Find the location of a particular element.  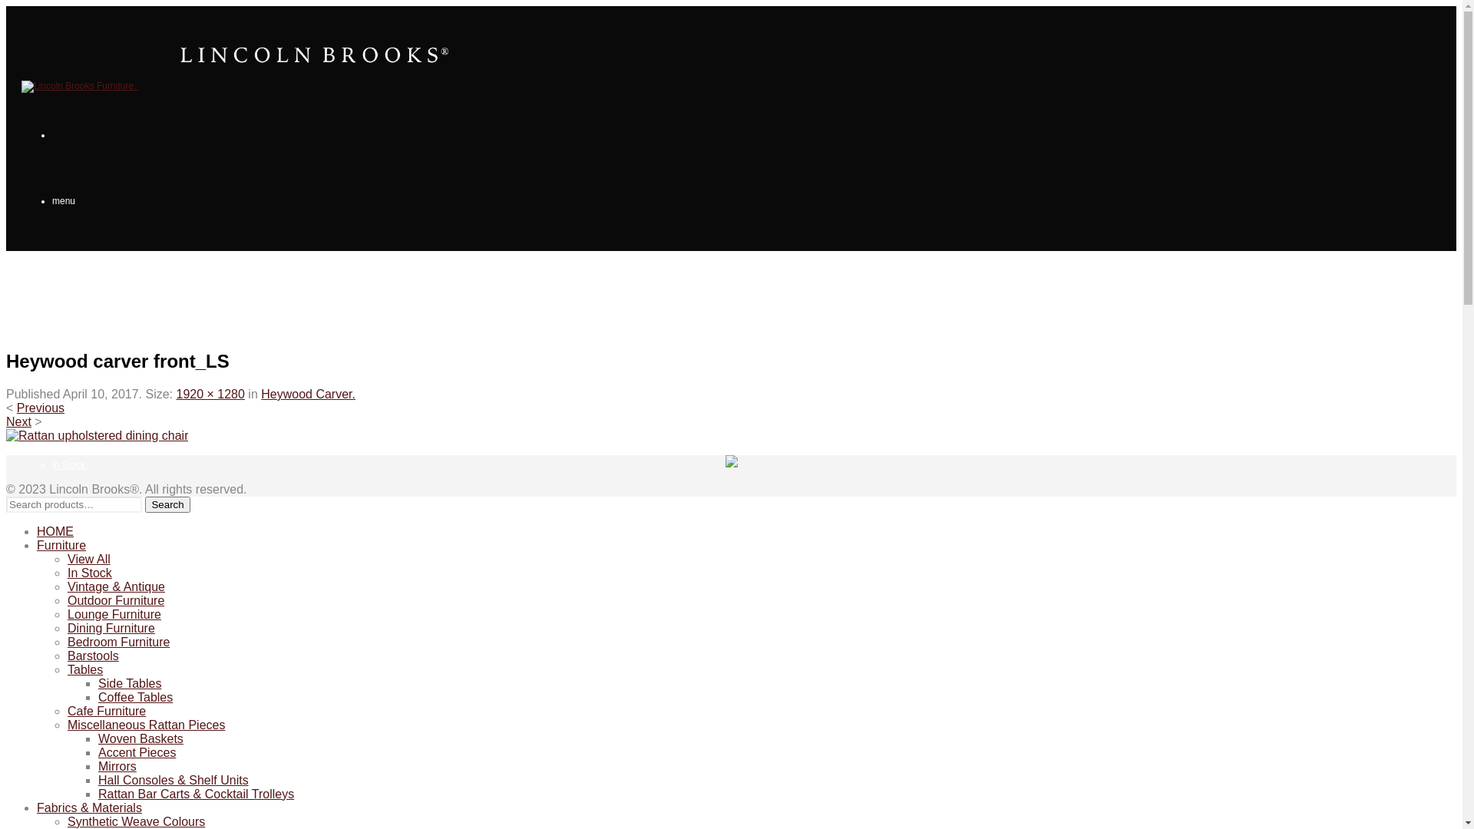

'Outdoor Furniture' is located at coordinates (88, 596).